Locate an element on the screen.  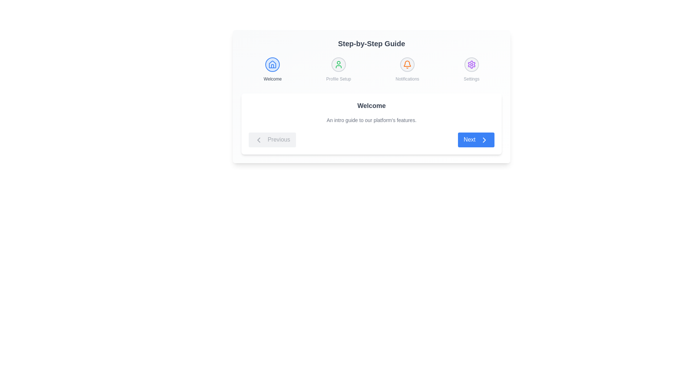
the 'Previous' button, which is a gray button with a left-arrow icon located in the bottom-left of the navigation section, to provide visual feedback is located at coordinates (272, 140).